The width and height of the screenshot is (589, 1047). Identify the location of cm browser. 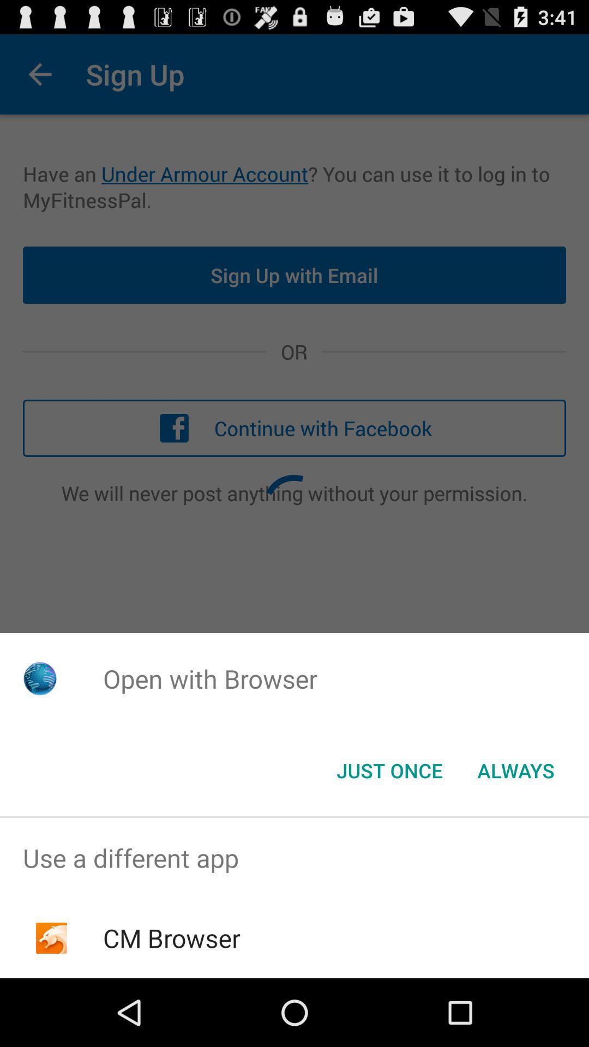
(172, 937).